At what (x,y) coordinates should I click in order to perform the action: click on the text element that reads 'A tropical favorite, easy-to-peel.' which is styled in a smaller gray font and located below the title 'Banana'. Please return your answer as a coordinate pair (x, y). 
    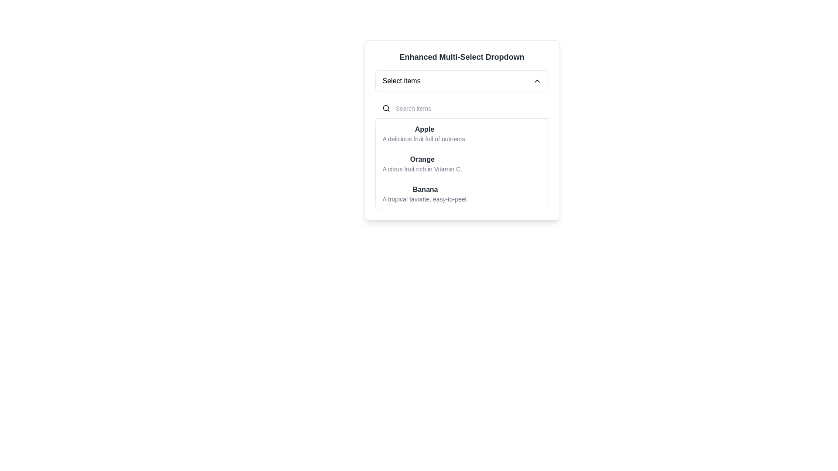
    Looking at the image, I should click on (425, 199).